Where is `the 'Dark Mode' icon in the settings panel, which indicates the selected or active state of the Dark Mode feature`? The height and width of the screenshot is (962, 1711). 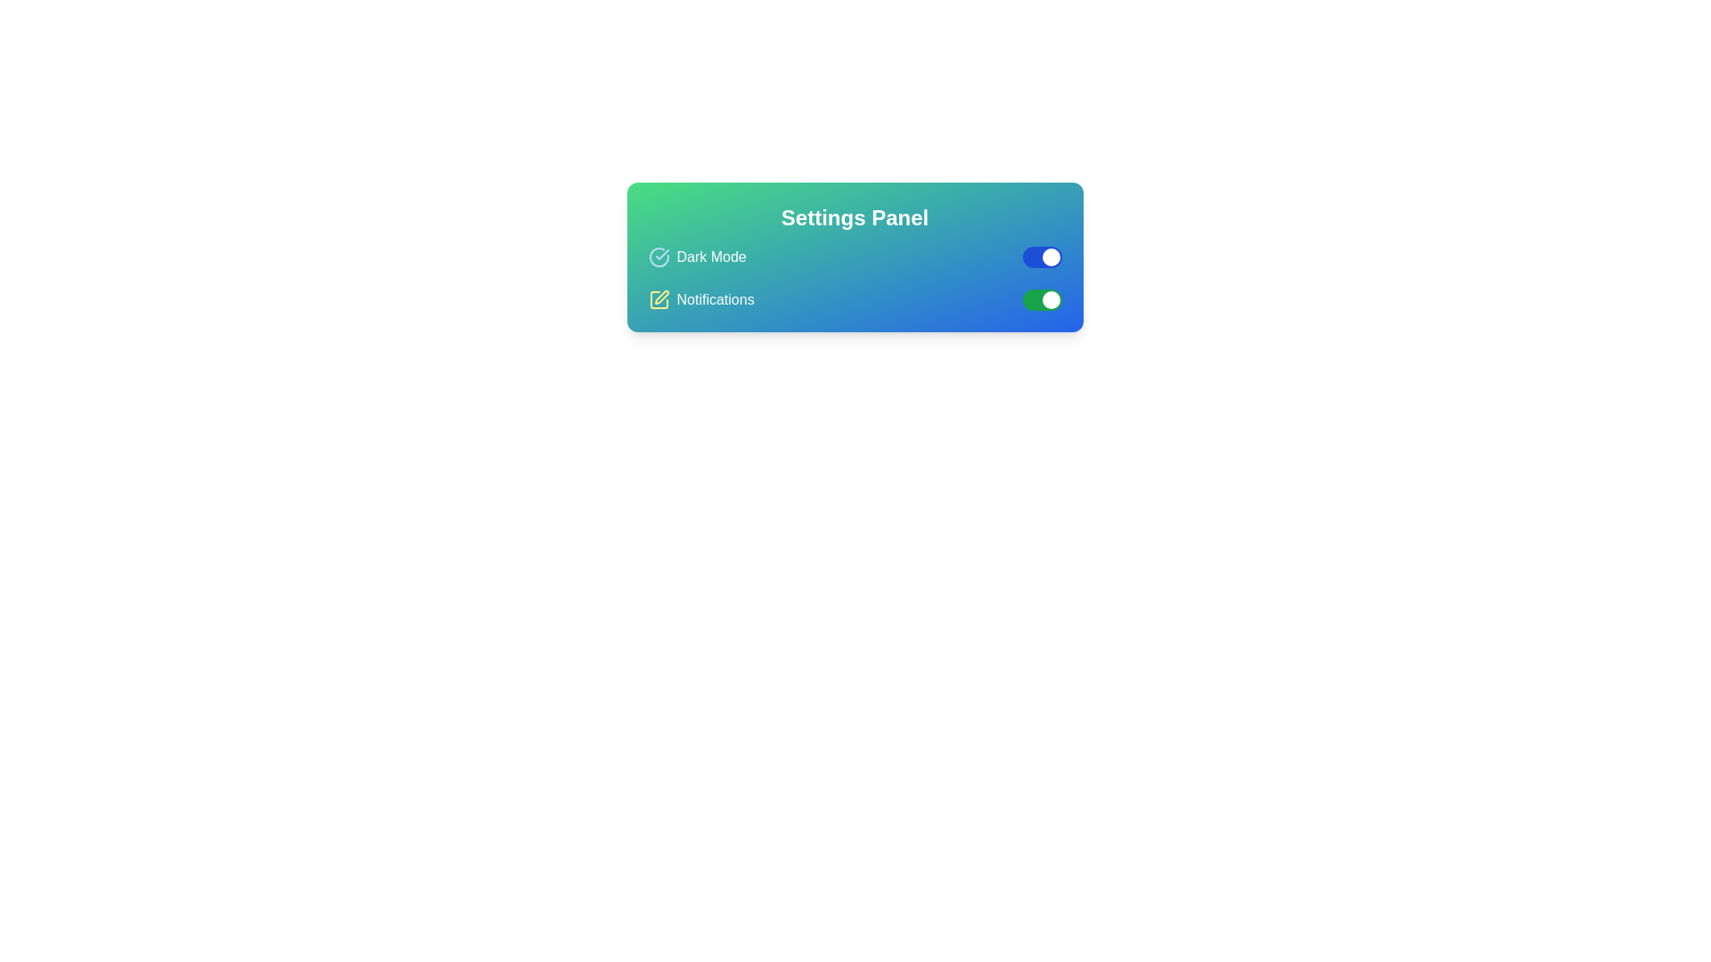 the 'Dark Mode' icon in the settings panel, which indicates the selected or active state of the Dark Mode feature is located at coordinates (658, 257).